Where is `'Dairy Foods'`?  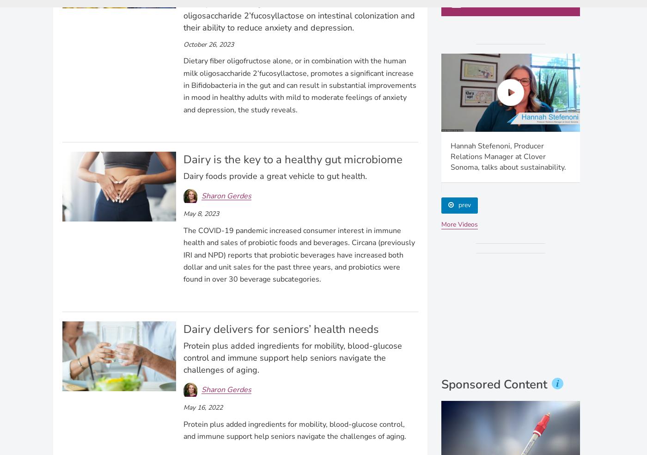 'Dairy Foods' is located at coordinates (493, 307).